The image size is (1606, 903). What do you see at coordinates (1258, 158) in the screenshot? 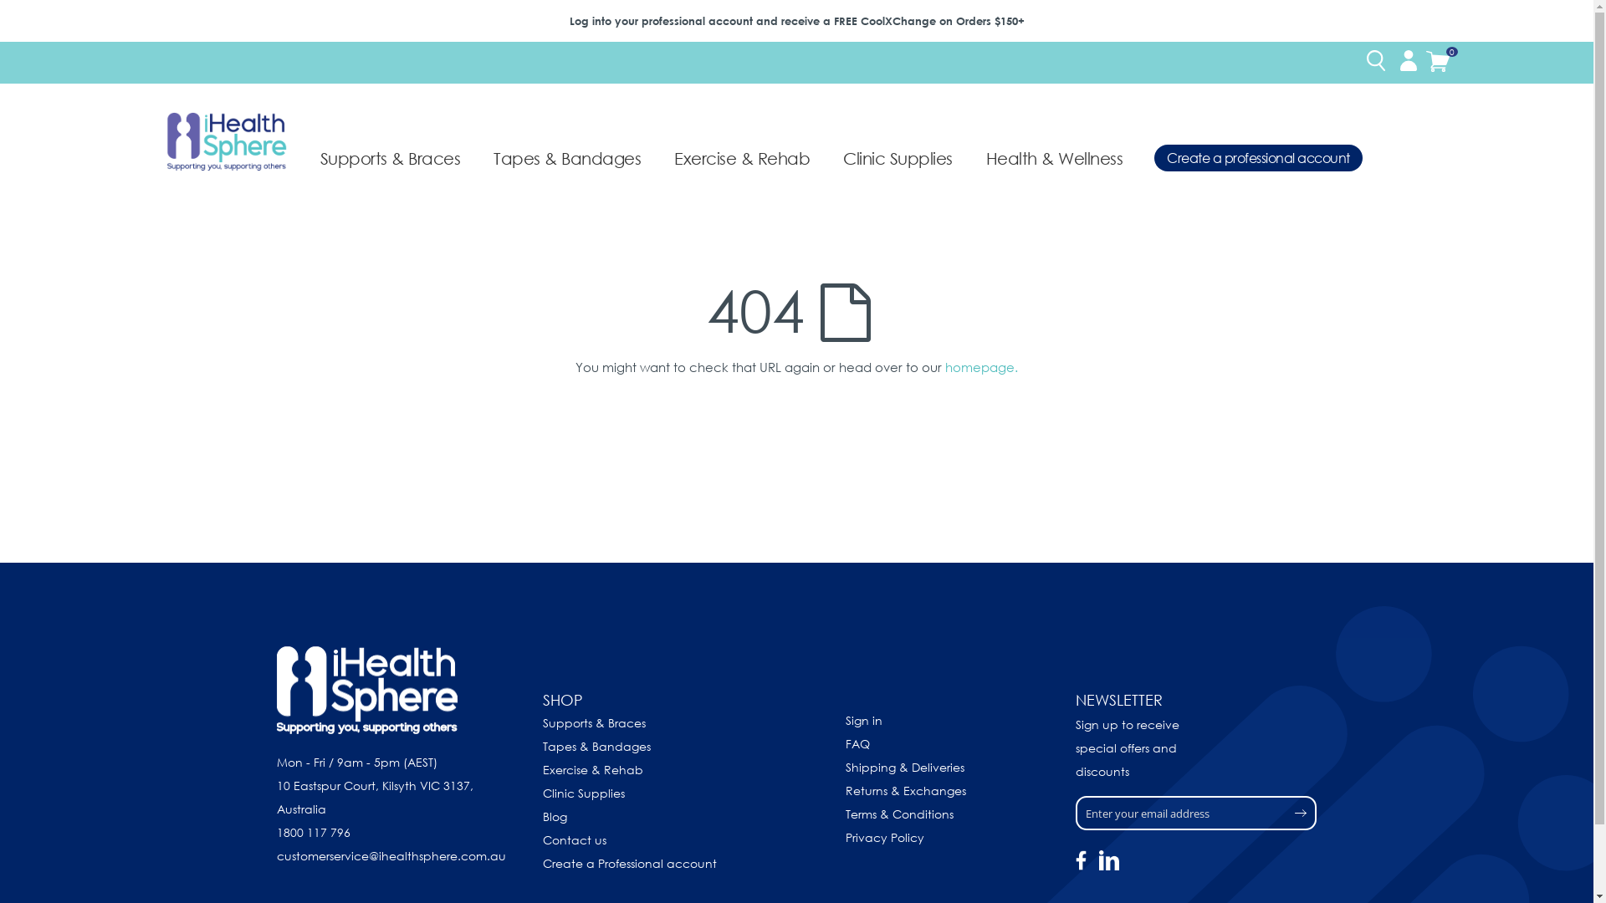
I see `'Create a professional account'` at bounding box center [1258, 158].